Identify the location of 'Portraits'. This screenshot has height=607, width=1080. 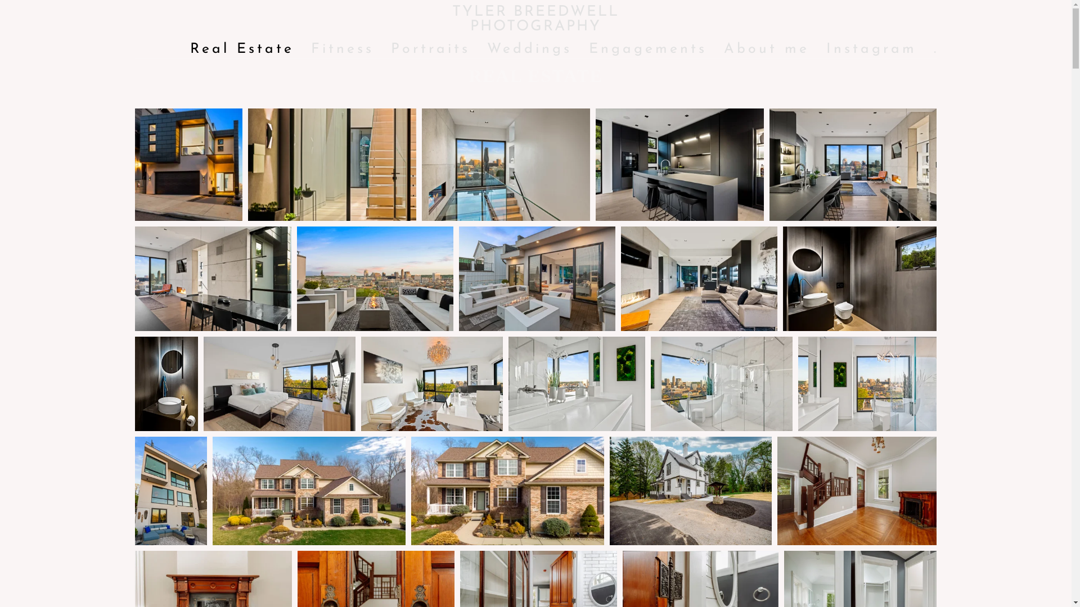
(430, 48).